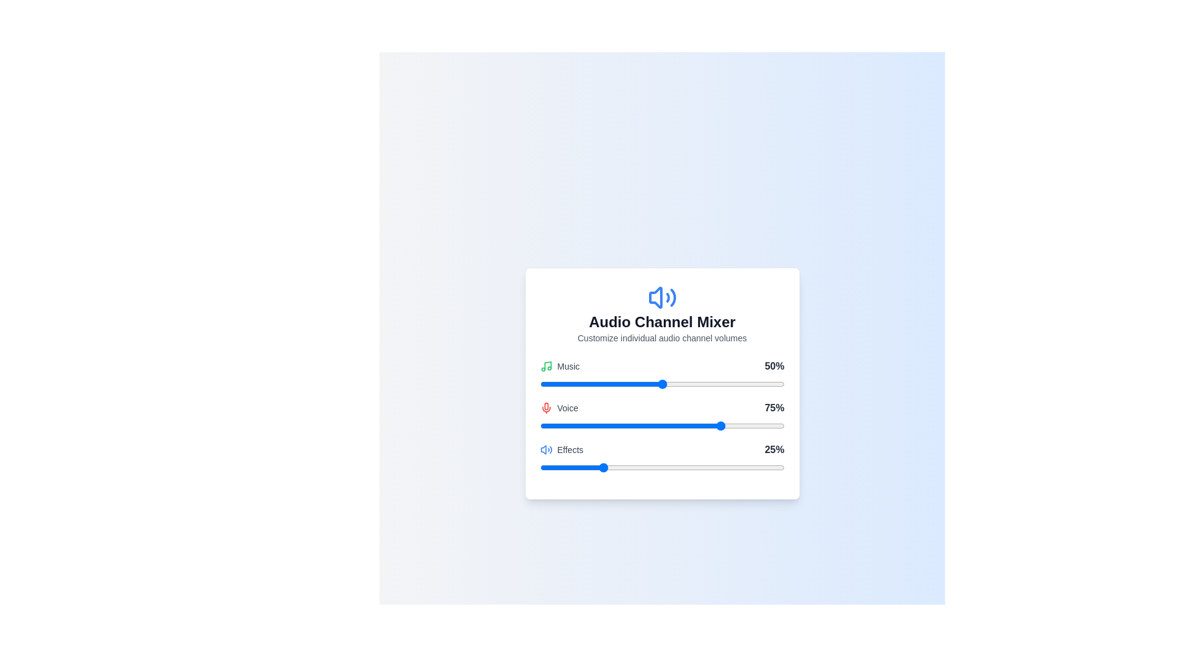  Describe the element at coordinates (706, 468) in the screenshot. I see `the 'Effects' volume slider` at that location.